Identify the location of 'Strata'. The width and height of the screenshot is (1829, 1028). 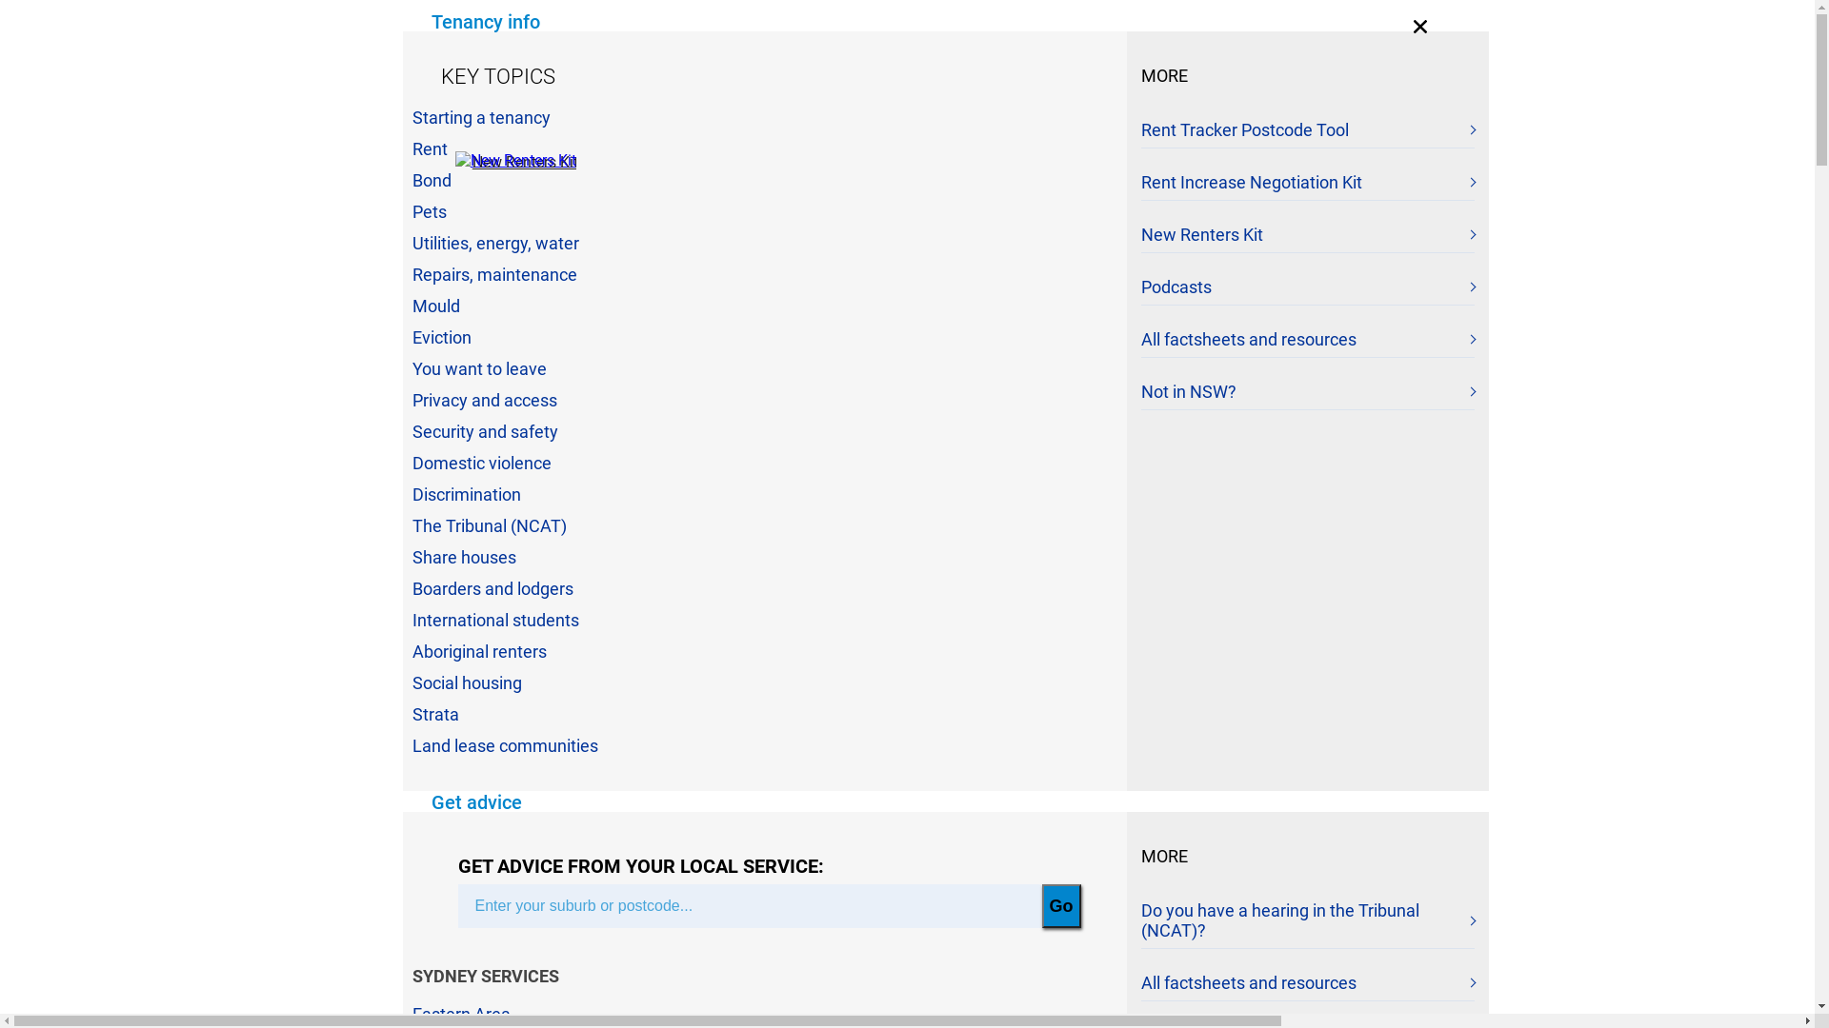
(433, 714).